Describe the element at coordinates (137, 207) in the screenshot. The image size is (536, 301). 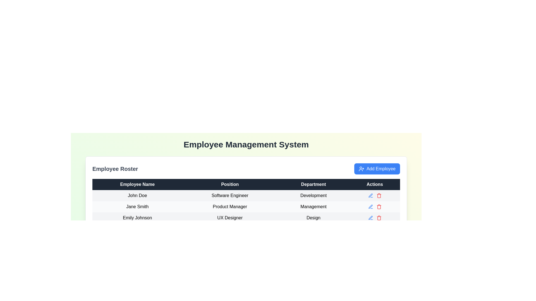
I see `the text label displaying 'Jane Smith' in the 'Employee Roster' table, which is the second row under the 'Employee Name' column` at that location.